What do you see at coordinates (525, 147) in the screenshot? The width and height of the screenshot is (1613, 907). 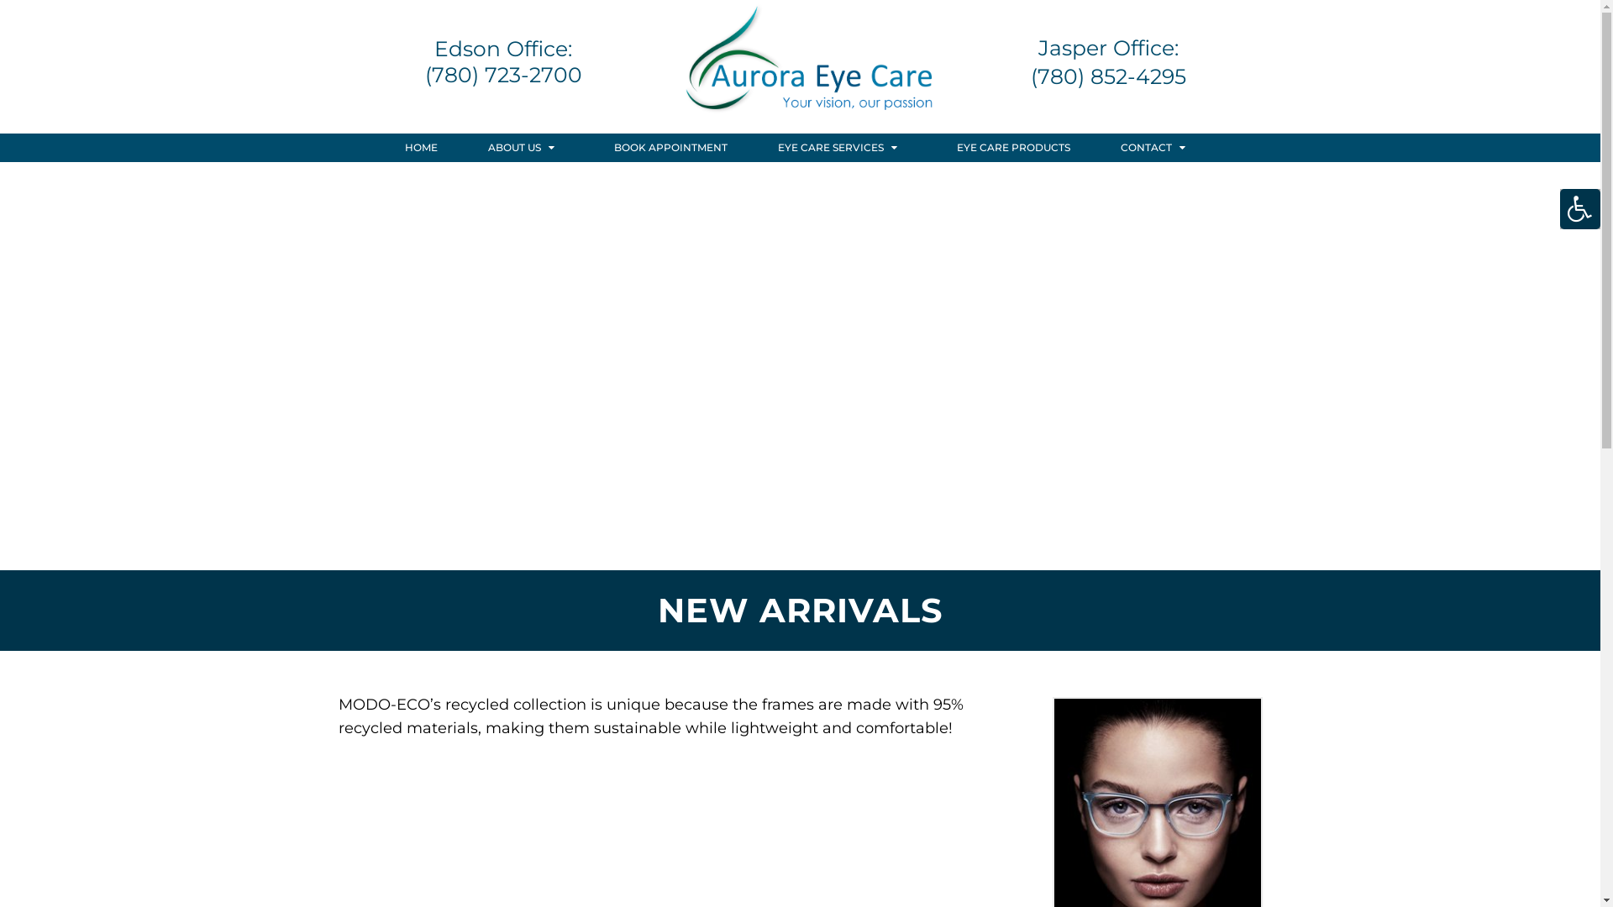 I see `'ABOUT US'` at bounding box center [525, 147].